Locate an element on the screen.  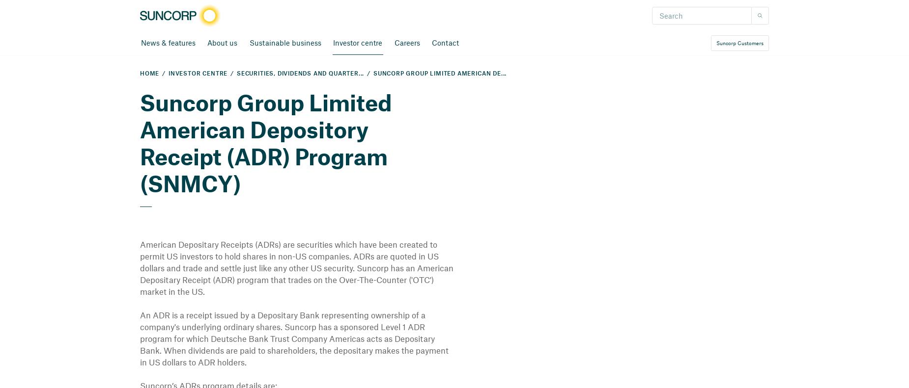
'American Depository Receipt (ADR) Program (SNMCY)' is located at coordinates (264, 156).